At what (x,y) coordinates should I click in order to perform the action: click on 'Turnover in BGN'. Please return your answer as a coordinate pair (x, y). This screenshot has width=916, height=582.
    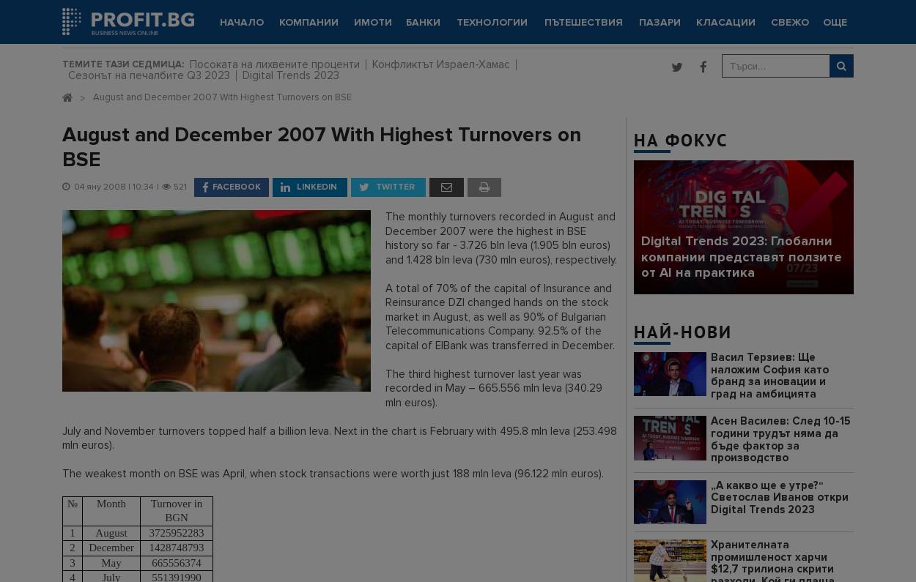
    Looking at the image, I should click on (175, 510).